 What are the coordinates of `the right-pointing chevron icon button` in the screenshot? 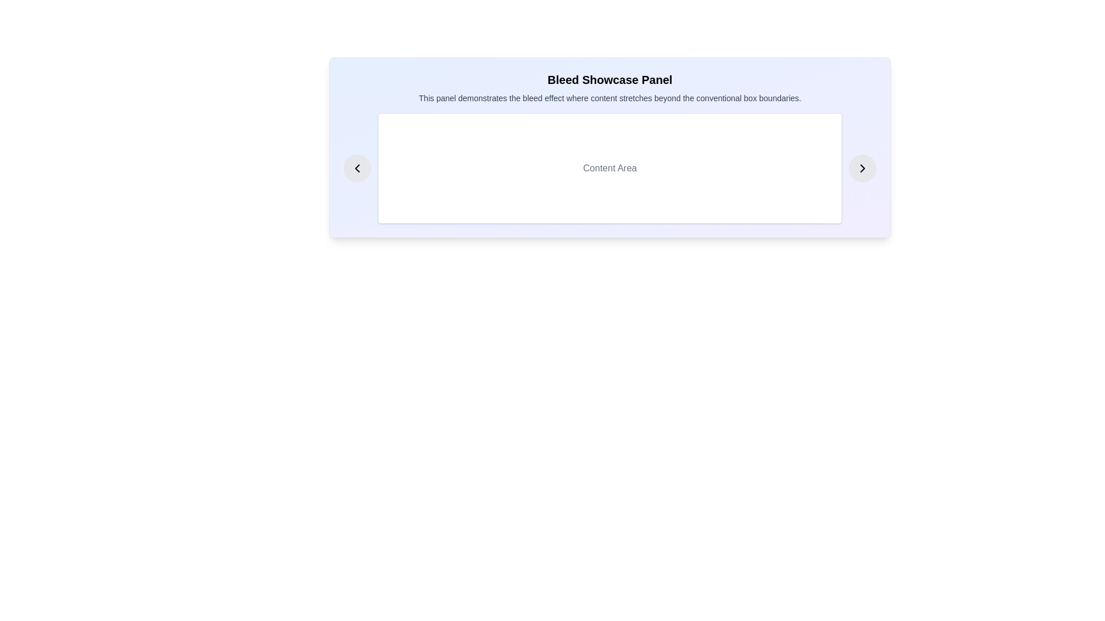 It's located at (862, 168).